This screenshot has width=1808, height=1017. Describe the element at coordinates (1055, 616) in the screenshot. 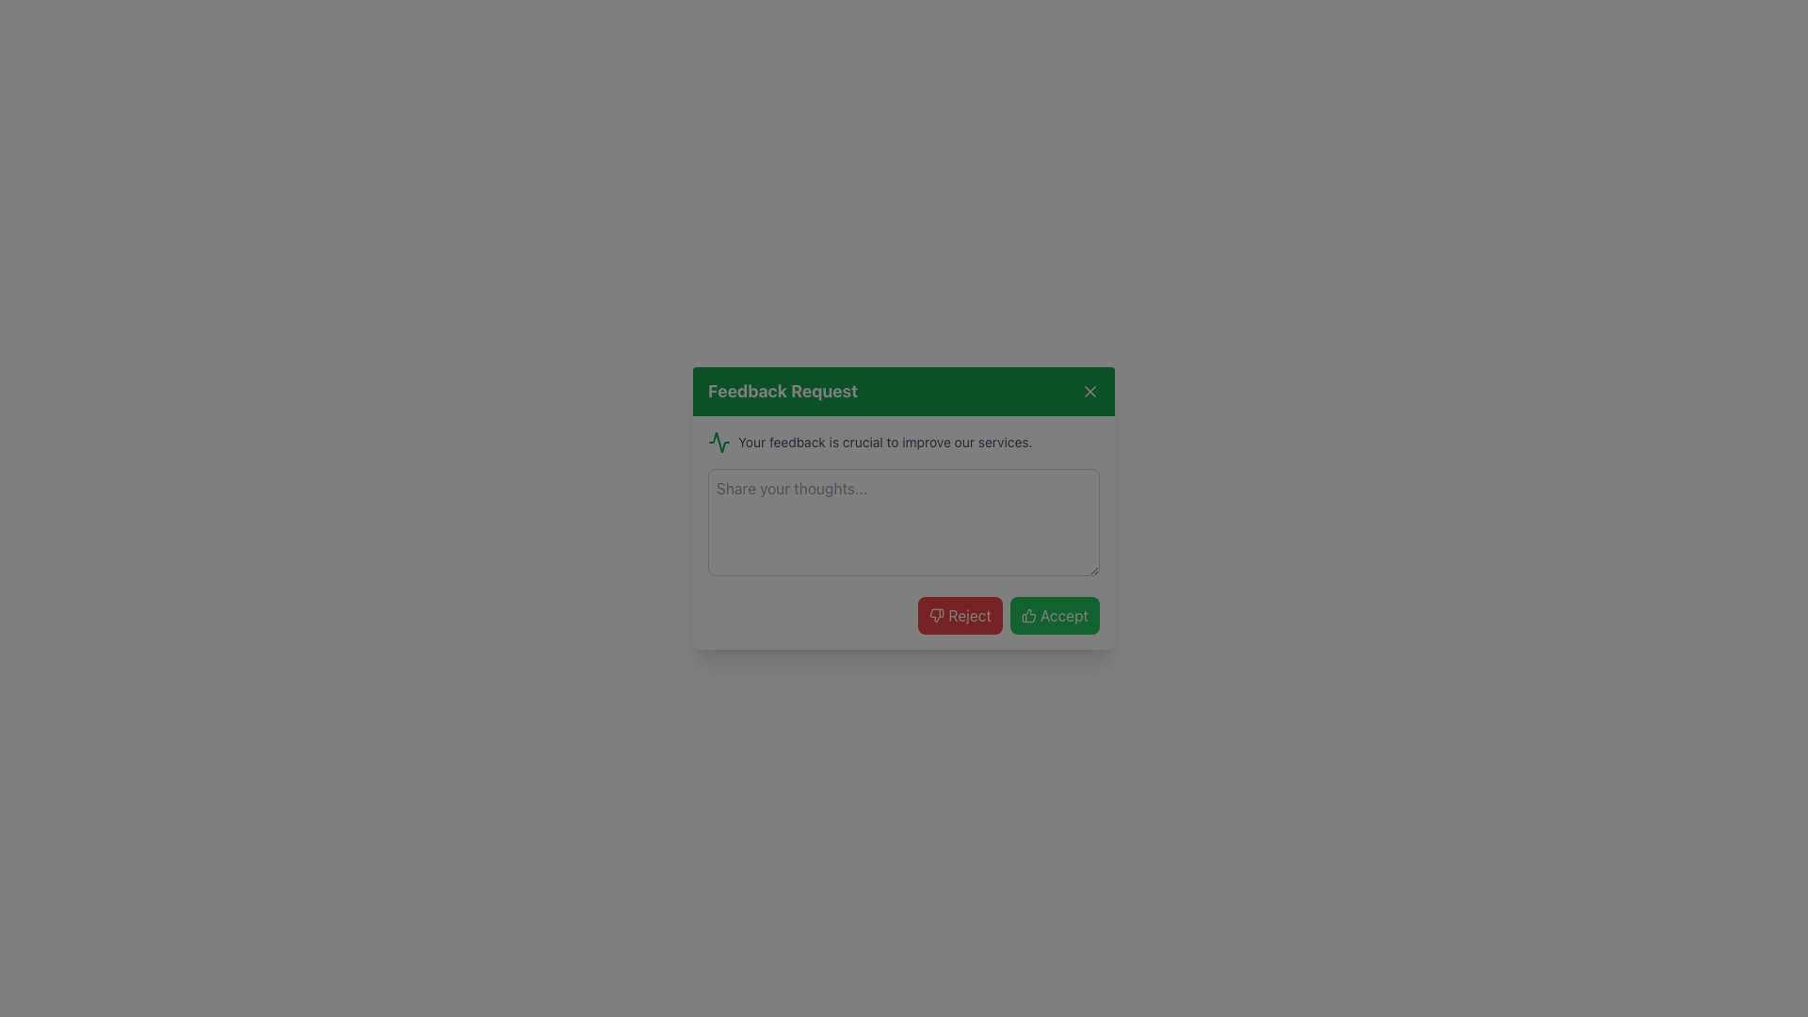

I see `the confirmation button located within the feedback dialog box` at that location.